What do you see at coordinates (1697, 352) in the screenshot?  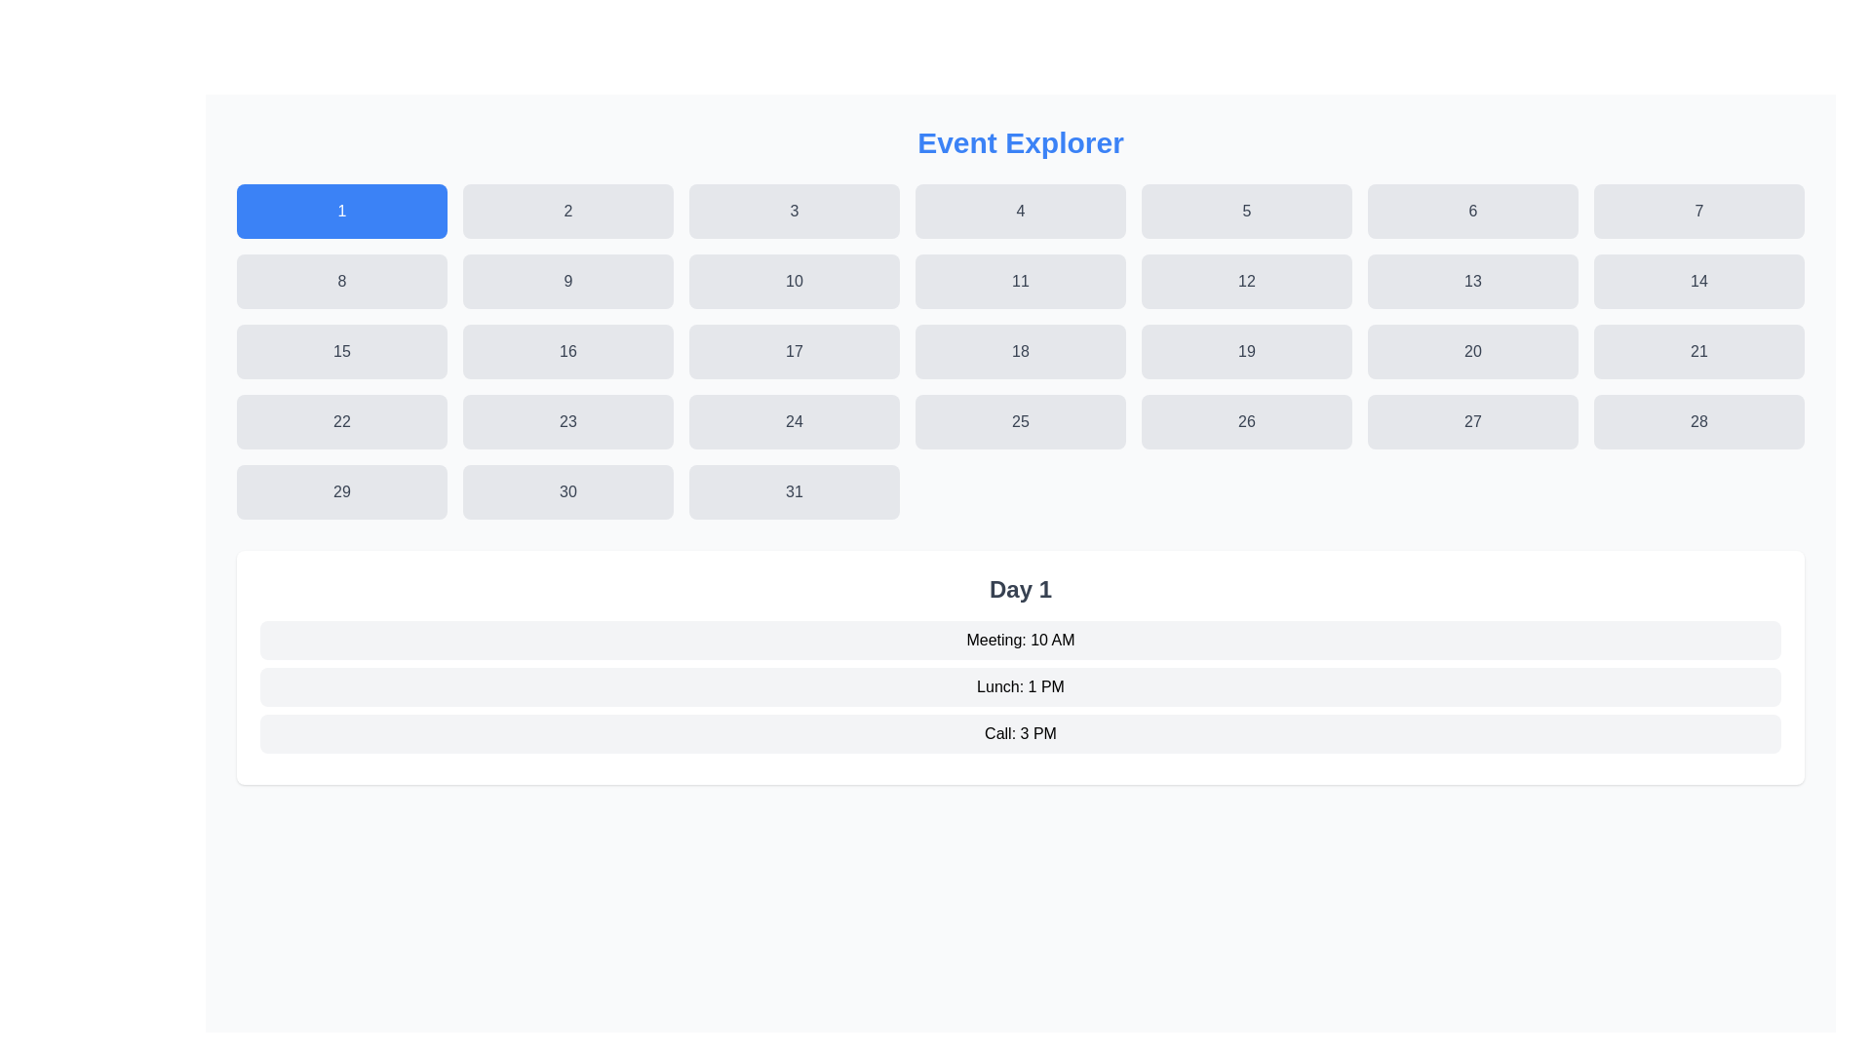 I see `the rectangular button with rounded corners displaying the number '21'` at bounding box center [1697, 352].